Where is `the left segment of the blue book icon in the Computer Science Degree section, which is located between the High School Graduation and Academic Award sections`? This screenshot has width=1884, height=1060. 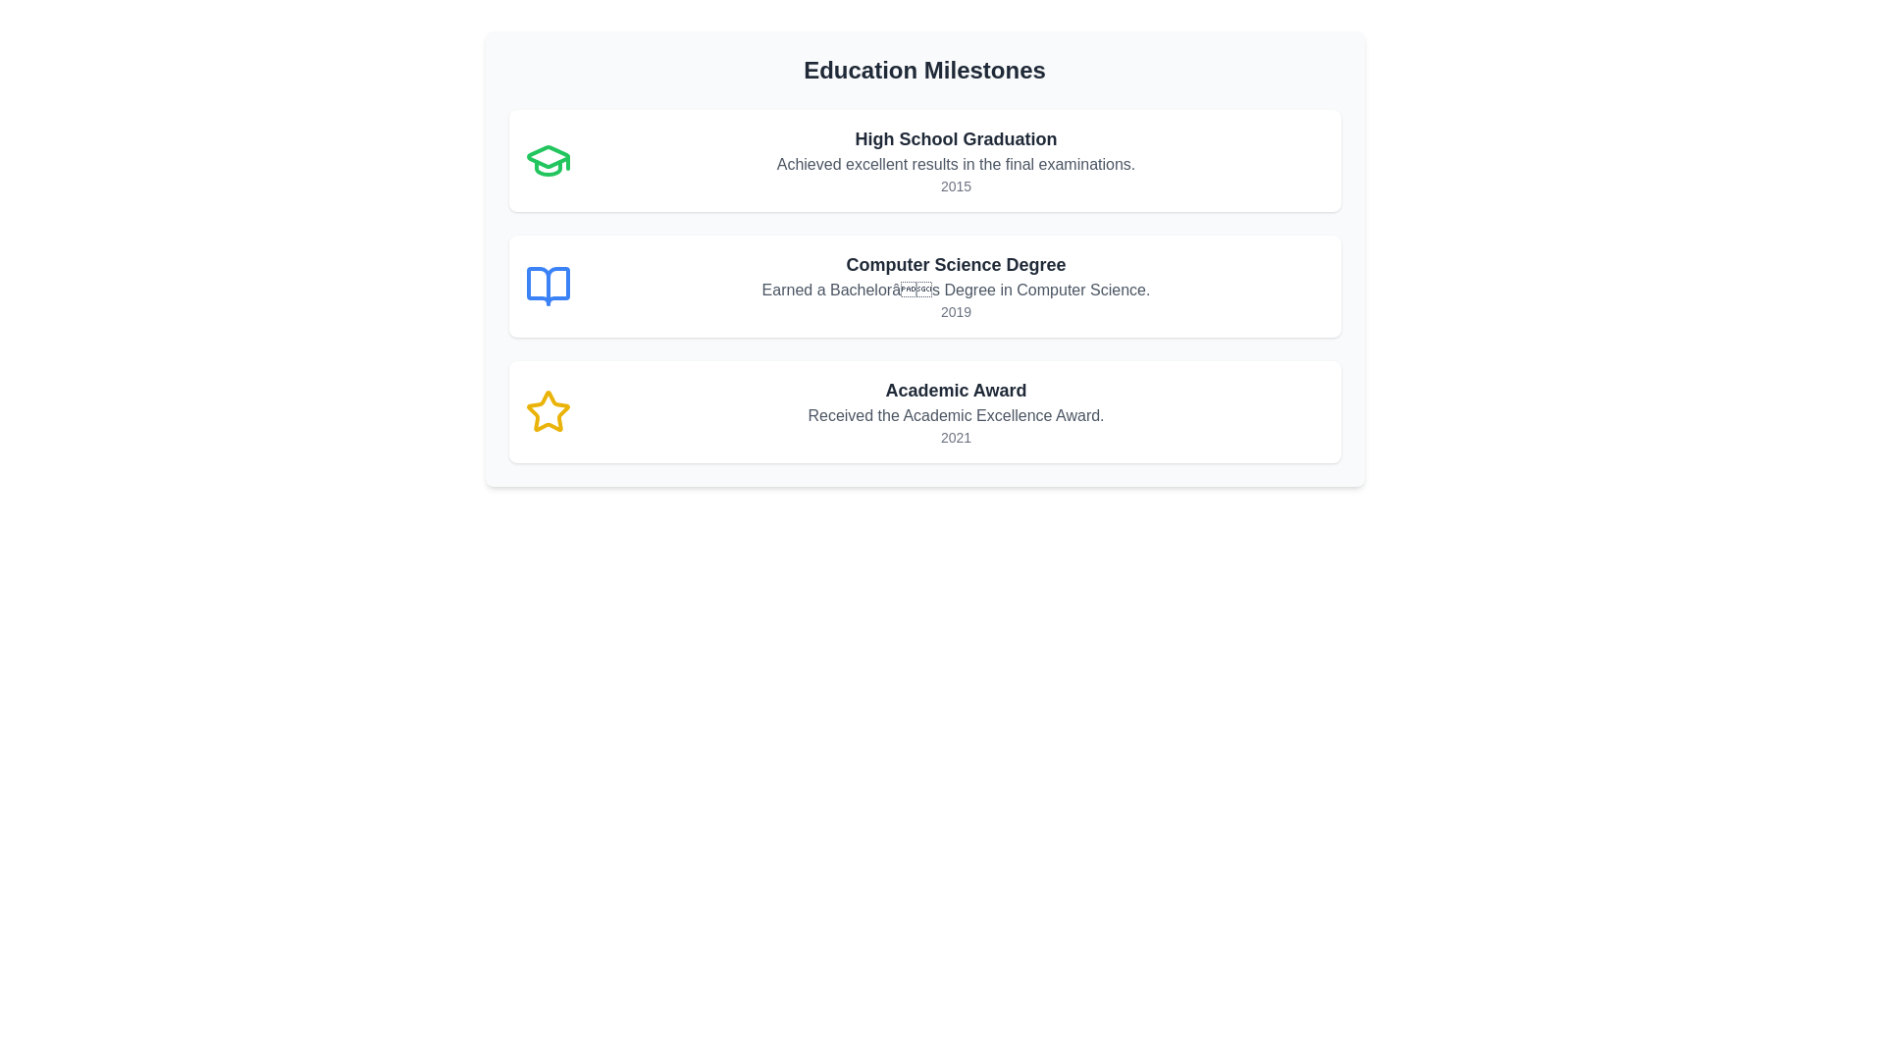
the left segment of the blue book icon in the Computer Science Degree section, which is located between the High School Graduation and Academic Award sections is located at coordinates (548, 287).